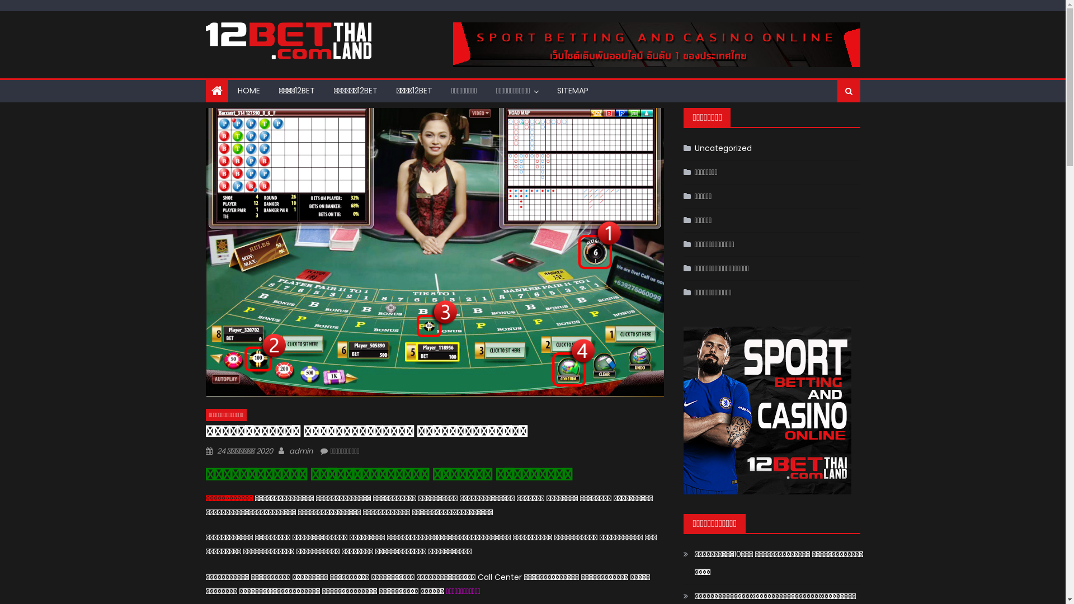 The height and width of the screenshot is (604, 1074). Describe the element at coordinates (717, 148) in the screenshot. I see `'Uncategorized'` at that location.